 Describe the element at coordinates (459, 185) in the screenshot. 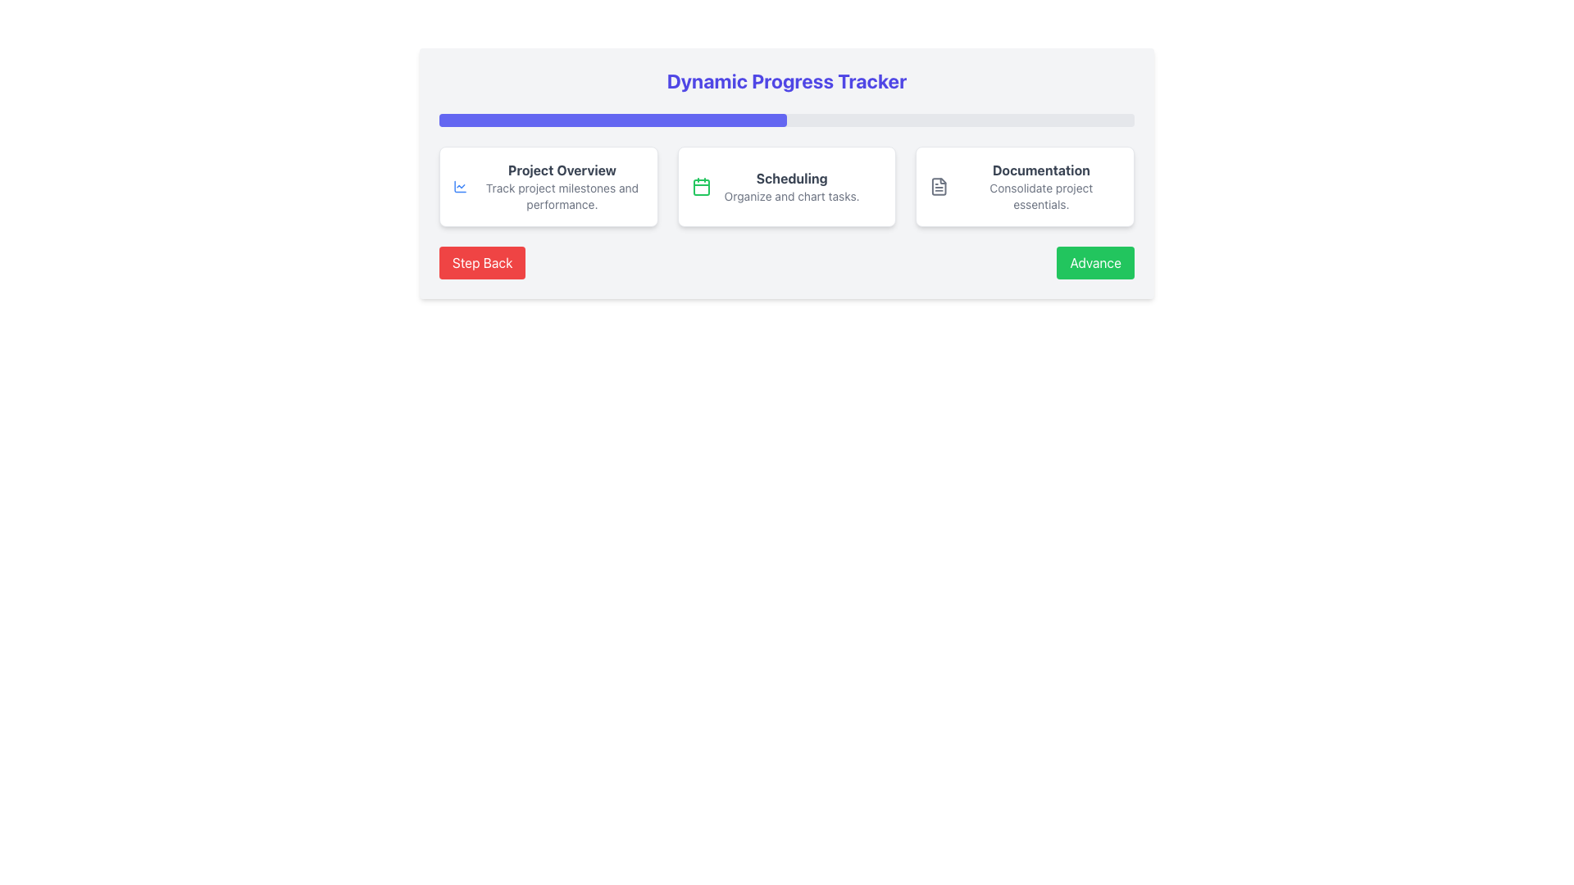

I see `the SVG graphic component segment located at the top-left of the 'Project Overview' card, which resembles a portion of a rectangular frame` at that location.